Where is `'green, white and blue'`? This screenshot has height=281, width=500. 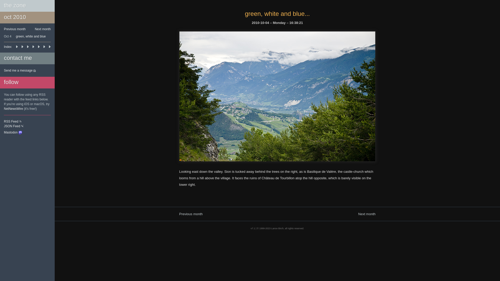
'green, white and blue' is located at coordinates (30, 36).